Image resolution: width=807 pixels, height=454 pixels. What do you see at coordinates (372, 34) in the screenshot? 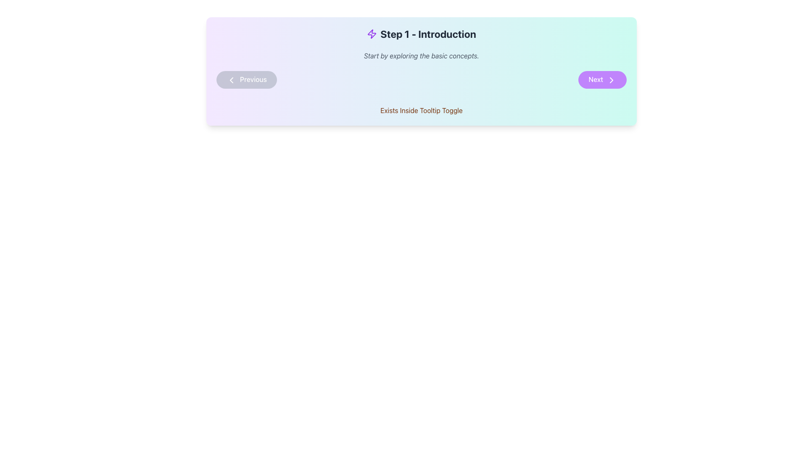
I see `the small purple lightning bolt icon located to the left of the text 'Step 1 - Introduction'` at bounding box center [372, 34].